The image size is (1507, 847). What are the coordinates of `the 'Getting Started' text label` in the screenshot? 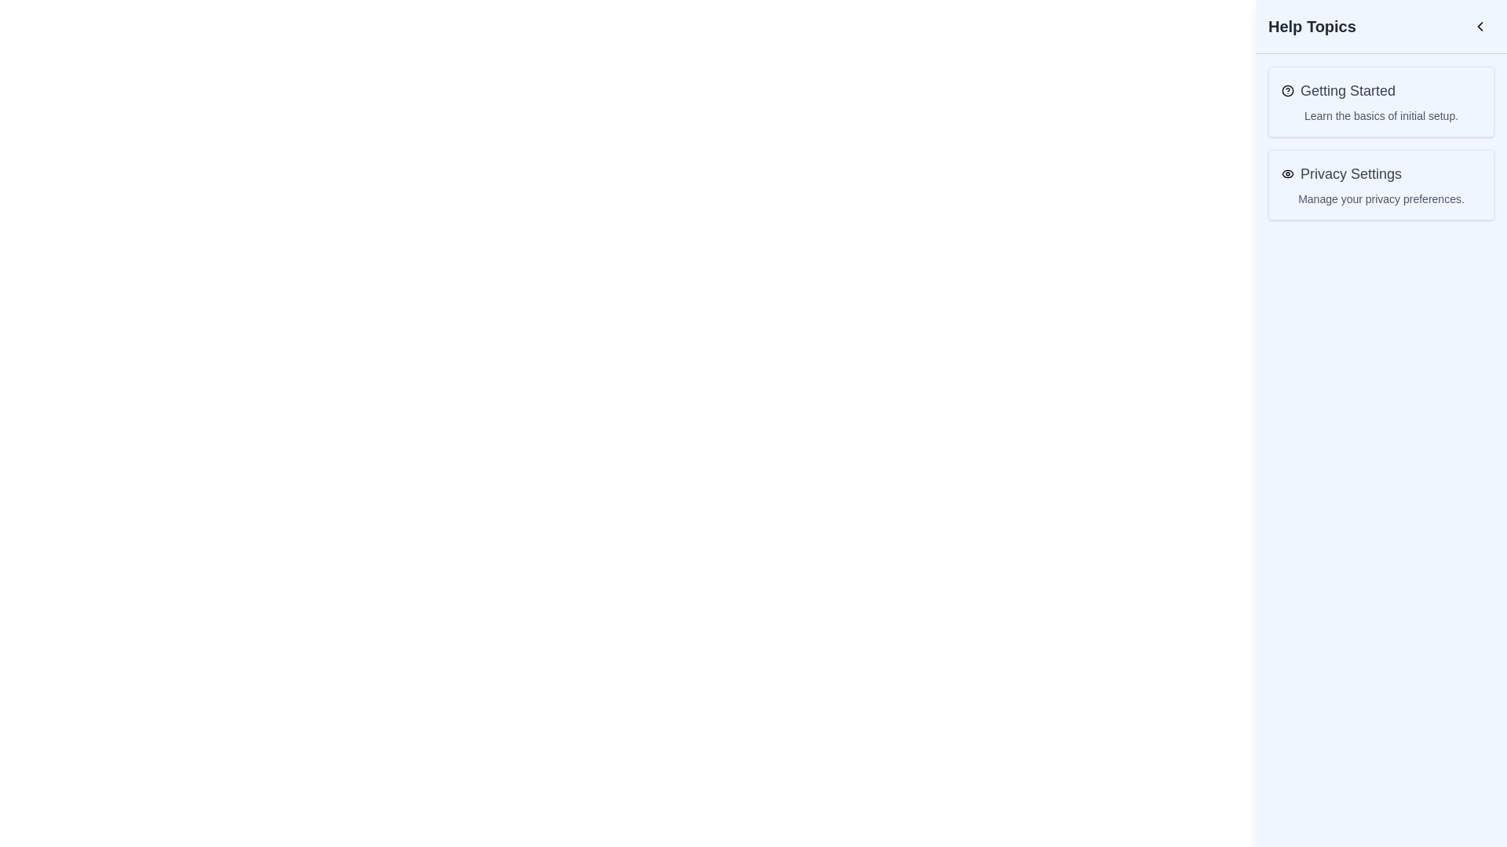 It's located at (1347, 90).